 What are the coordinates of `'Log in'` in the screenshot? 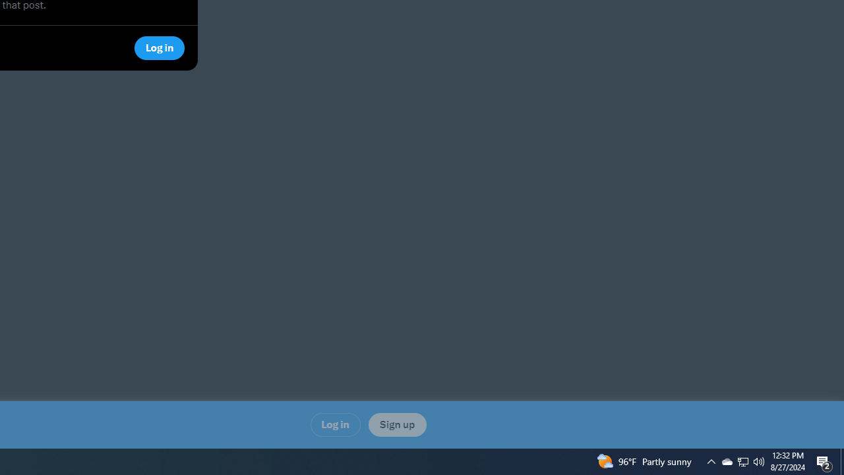 It's located at (335, 424).